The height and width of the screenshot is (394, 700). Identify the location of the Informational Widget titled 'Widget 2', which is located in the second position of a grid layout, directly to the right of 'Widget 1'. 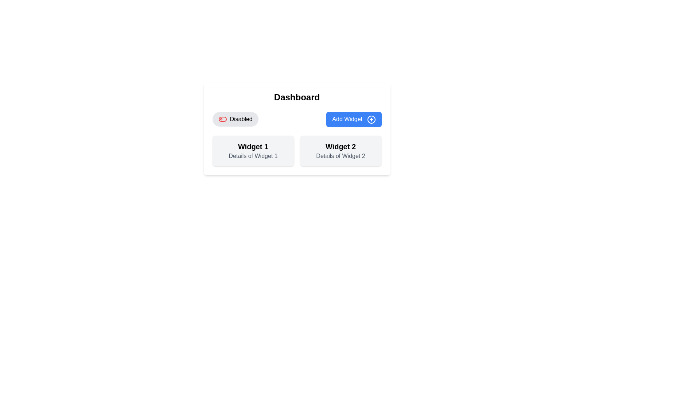
(340, 150).